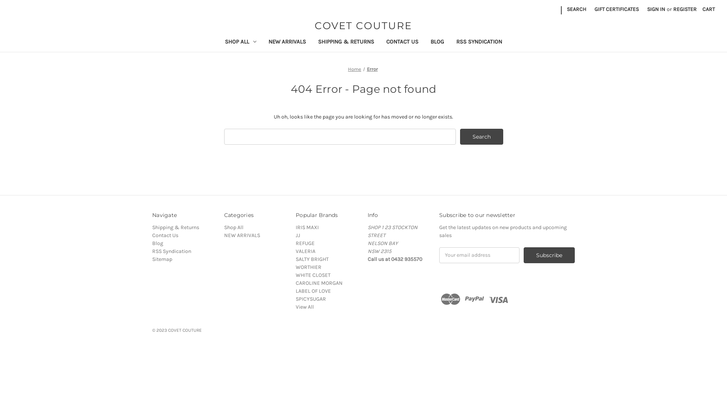 The height and width of the screenshot is (409, 727). Describe the element at coordinates (305, 251) in the screenshot. I see `'VALERIA'` at that location.